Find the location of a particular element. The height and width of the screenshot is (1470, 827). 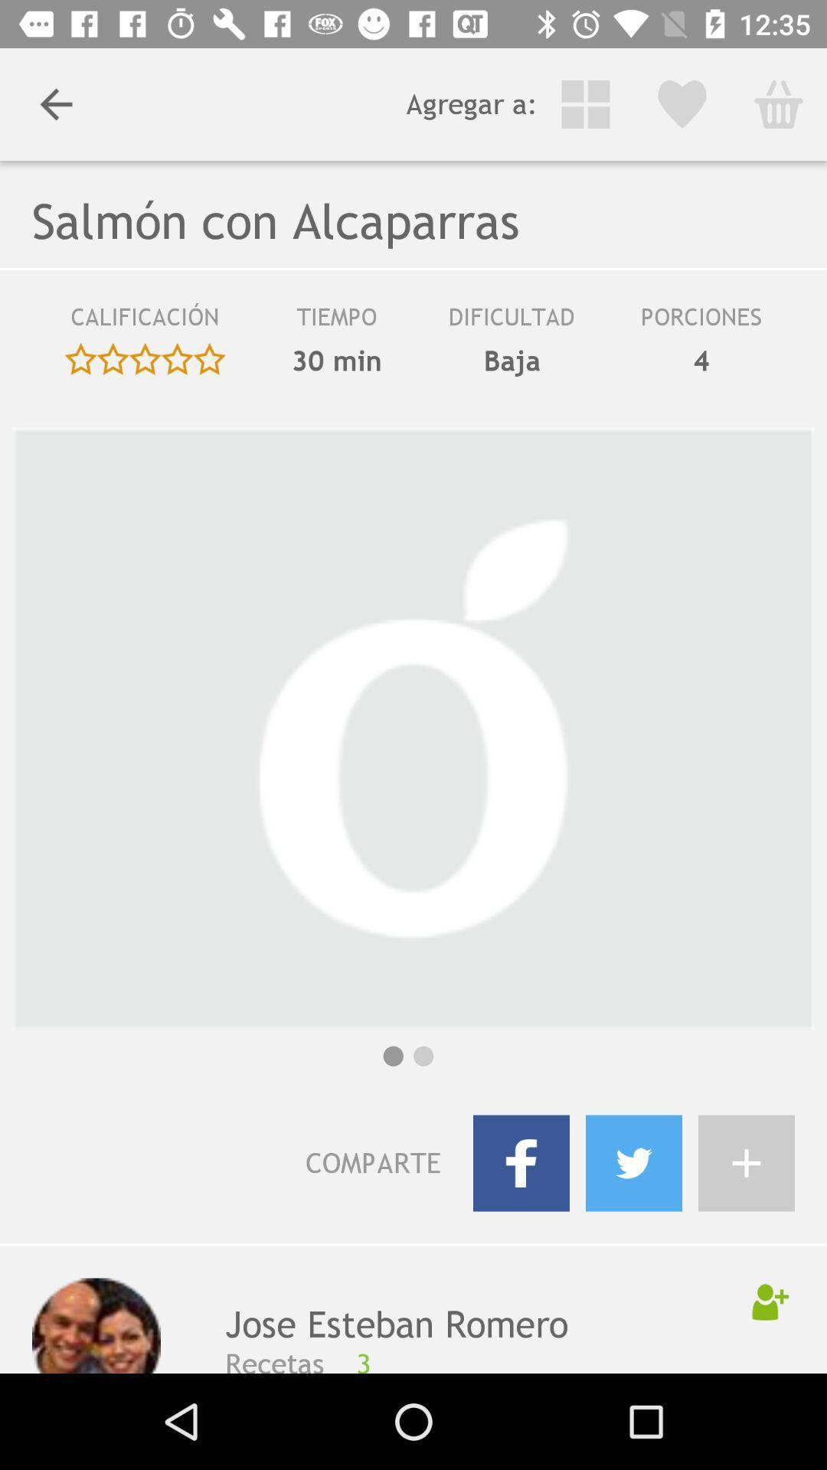

tweeter icon is located at coordinates (634, 1163).